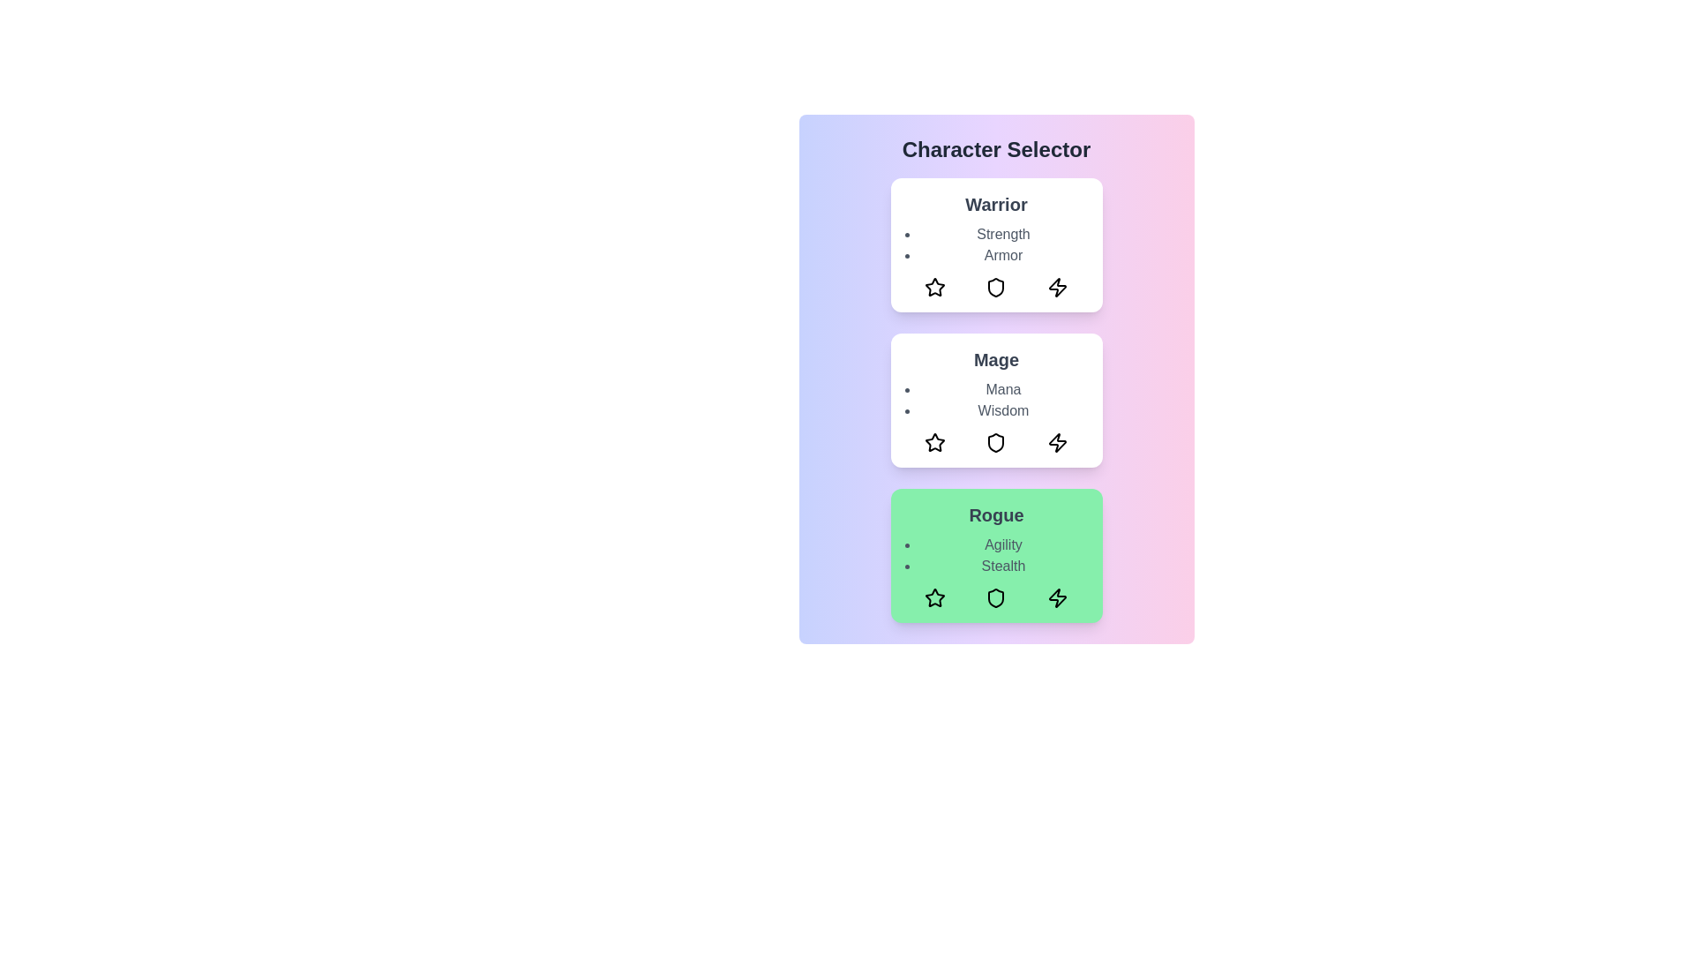  Describe the element at coordinates (996, 554) in the screenshot. I see `the character card for Rogue` at that location.